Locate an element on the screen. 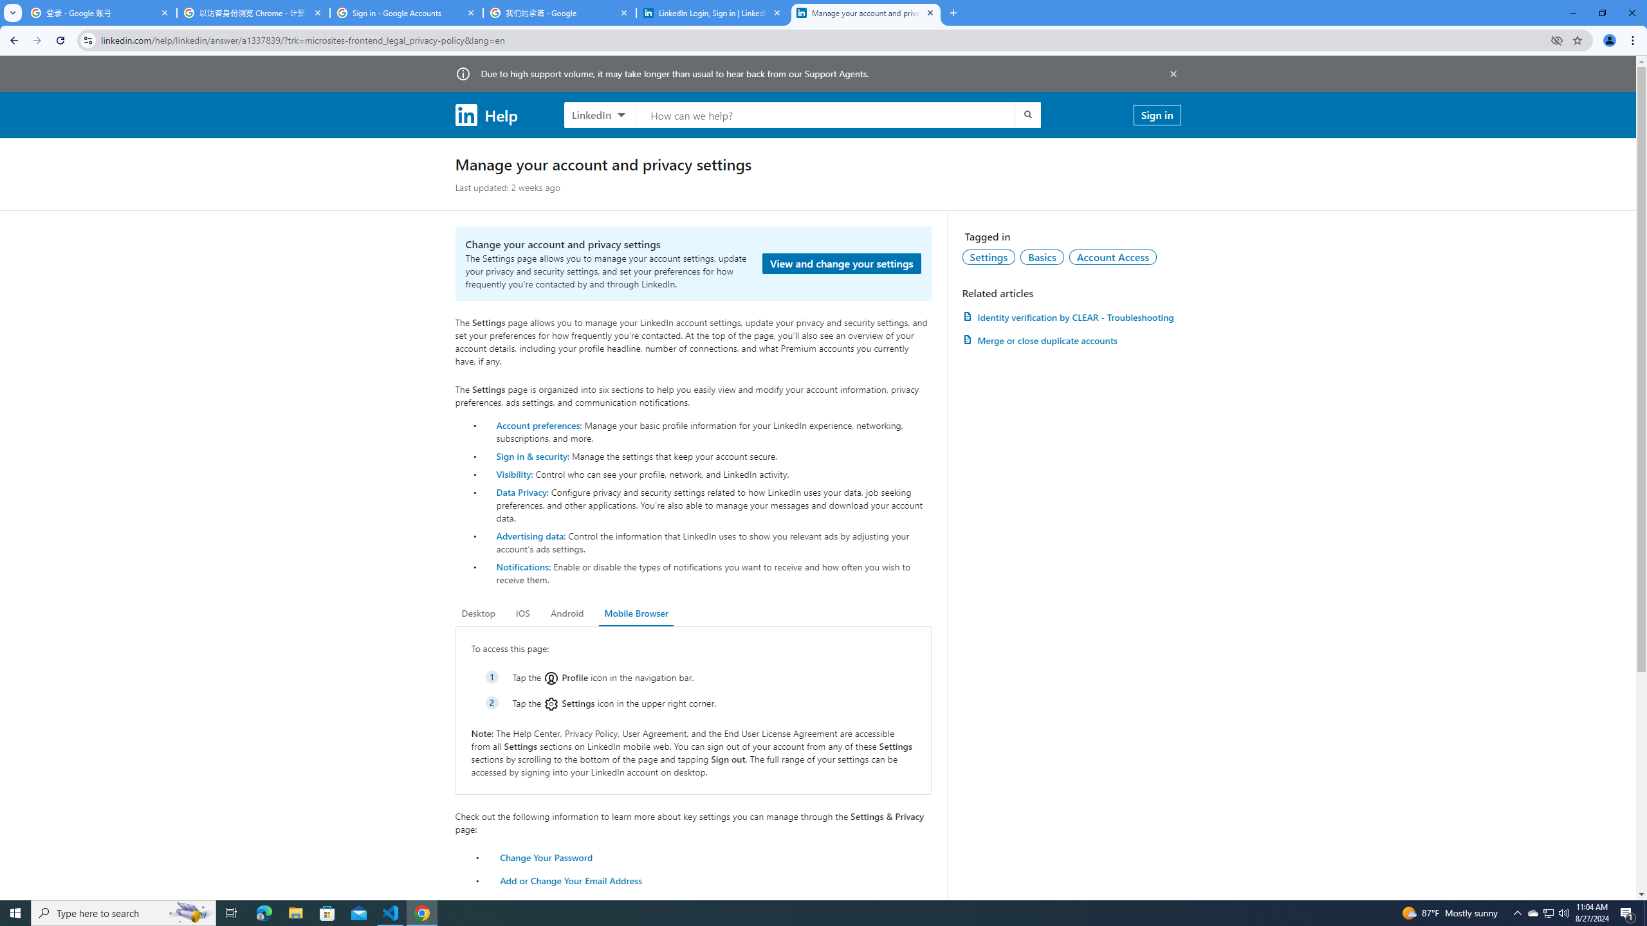  'Notifications' is located at coordinates (522, 566).